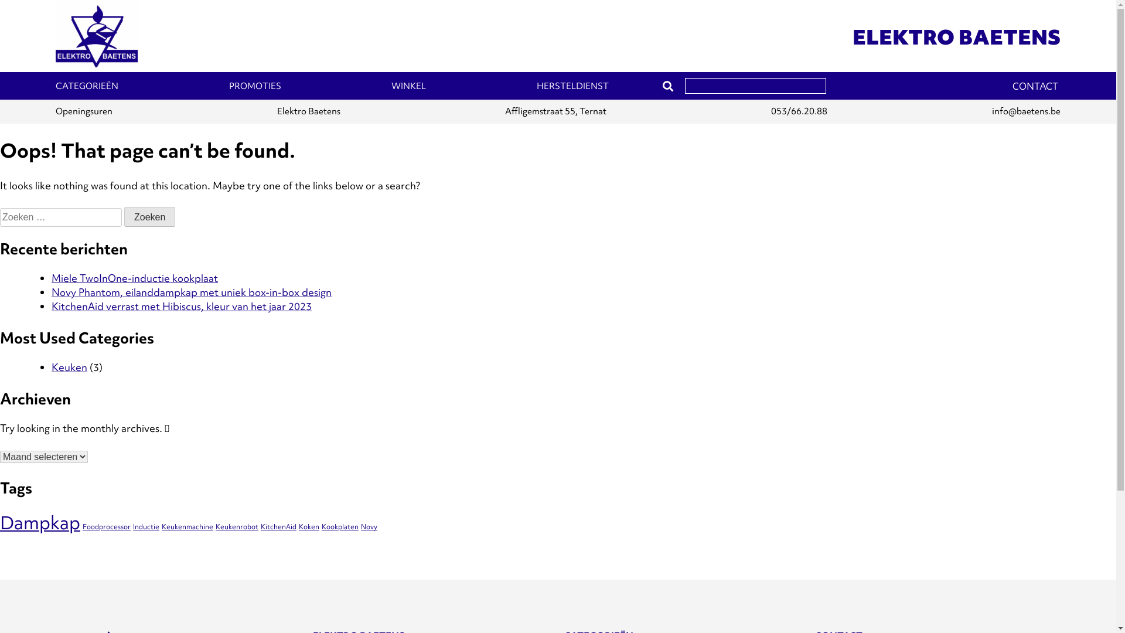  I want to click on 'PROMOTIES', so click(254, 85).